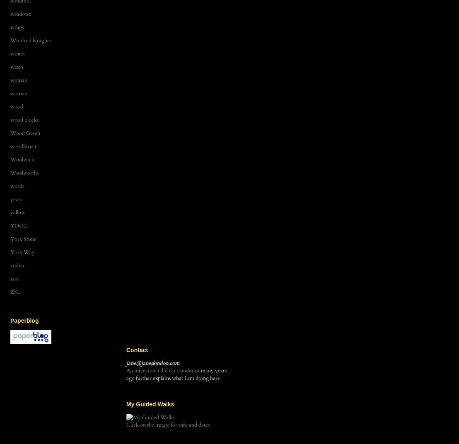 Image resolution: width=459 pixels, height=444 pixels. What do you see at coordinates (10, 238) in the screenshot?
I see `'York Stone'` at bounding box center [10, 238].